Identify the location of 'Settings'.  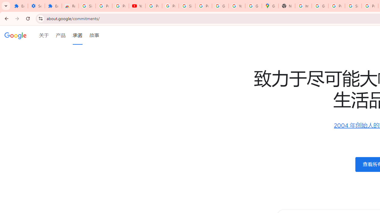
(36, 6).